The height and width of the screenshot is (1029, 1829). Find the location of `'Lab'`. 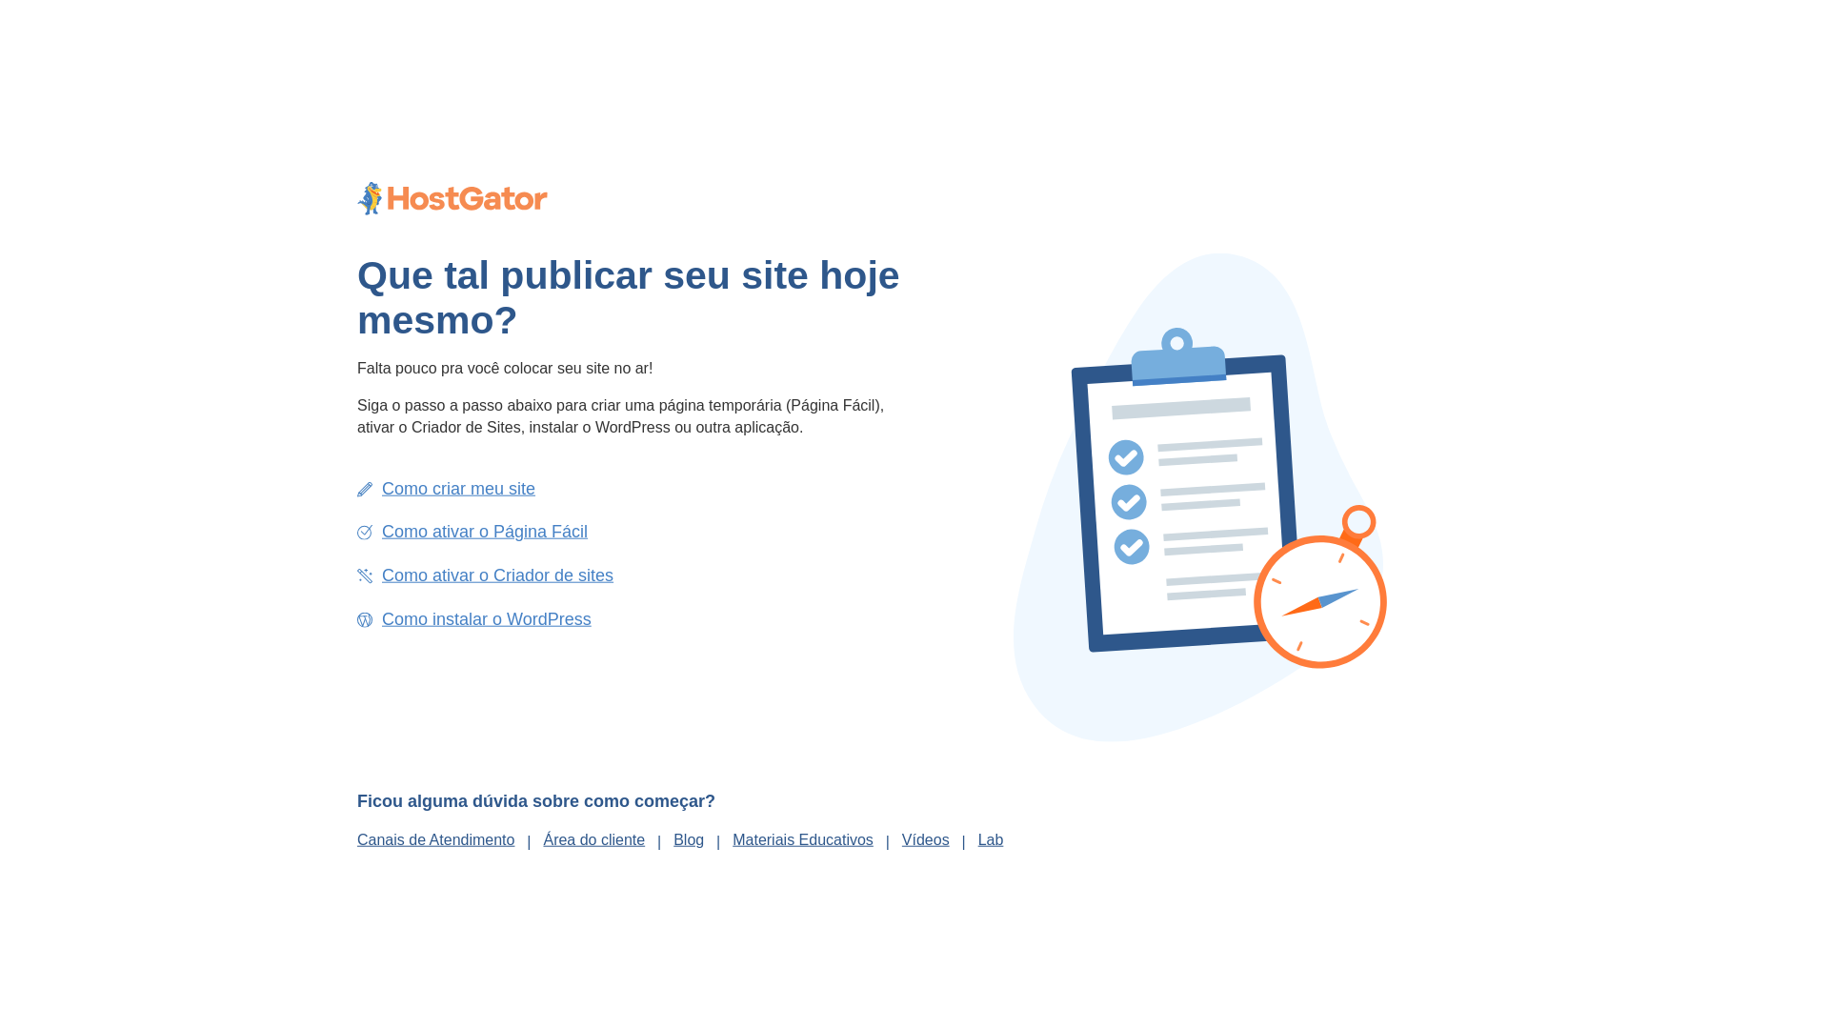

'Lab' is located at coordinates (991, 837).